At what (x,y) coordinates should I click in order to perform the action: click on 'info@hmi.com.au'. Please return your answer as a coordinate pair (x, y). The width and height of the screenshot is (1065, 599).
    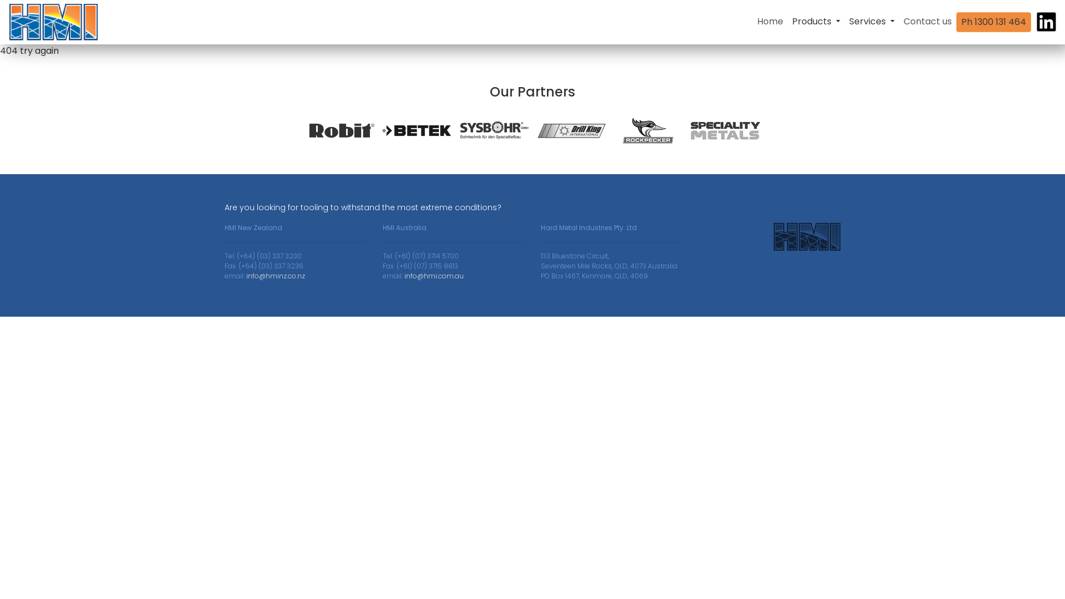
    Looking at the image, I should click on (433, 275).